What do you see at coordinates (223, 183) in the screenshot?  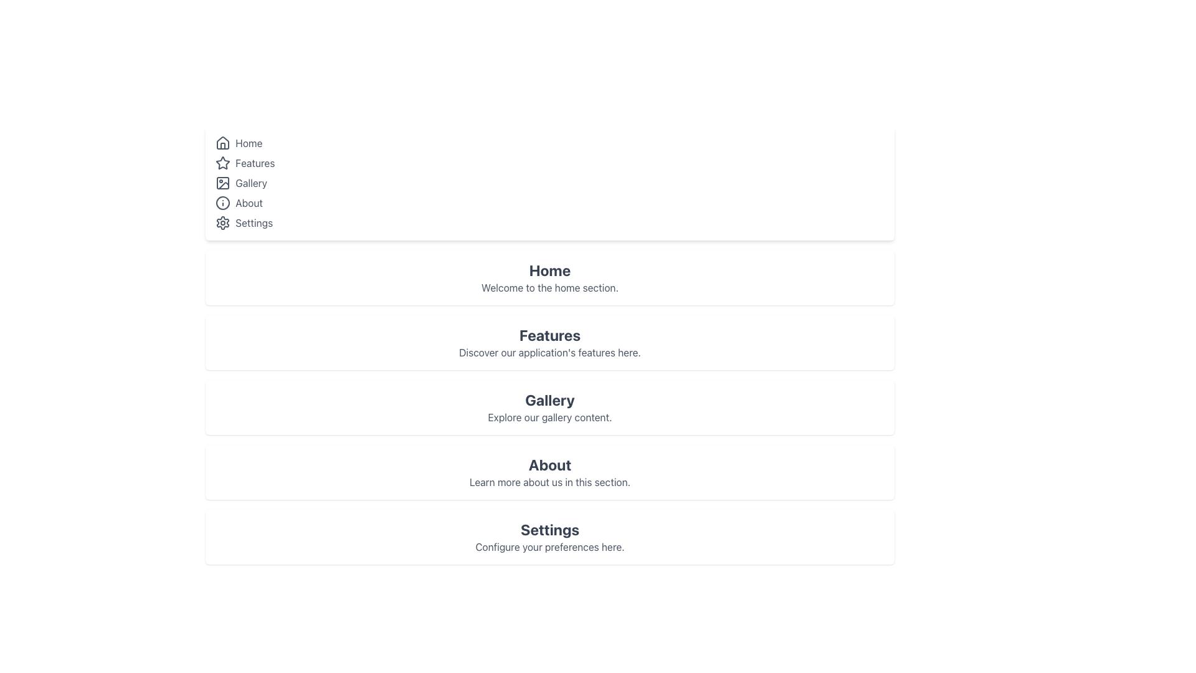 I see `the gray rectangular shape with rounded corners that serves as the background of the 'Gallery' icon in the navigation list` at bounding box center [223, 183].